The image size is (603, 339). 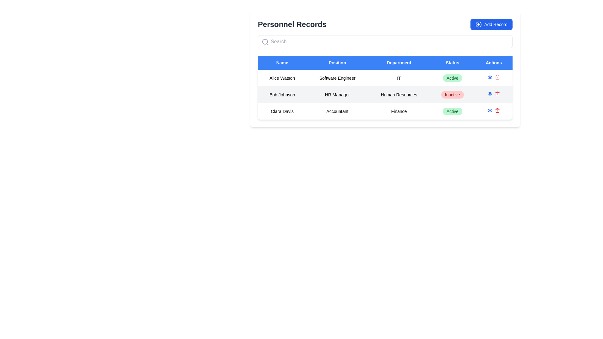 I want to click on the blue header row containing the column titles 'Name', 'Position', 'Department', 'Status', and 'Actions' which is the first row in the table layout, so click(x=385, y=63).